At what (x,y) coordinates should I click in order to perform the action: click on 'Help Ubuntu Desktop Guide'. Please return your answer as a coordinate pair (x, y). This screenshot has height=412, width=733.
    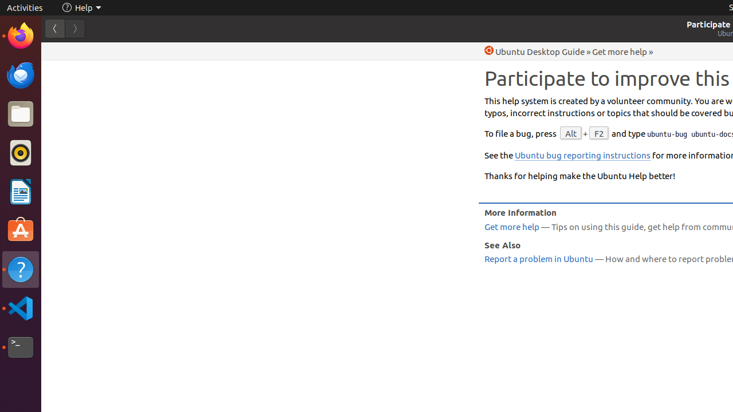
    Looking at the image, I should click on (534, 50).